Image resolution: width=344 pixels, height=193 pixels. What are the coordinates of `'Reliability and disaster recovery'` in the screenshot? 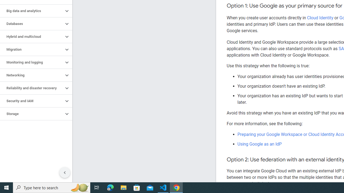 It's located at (31, 88).